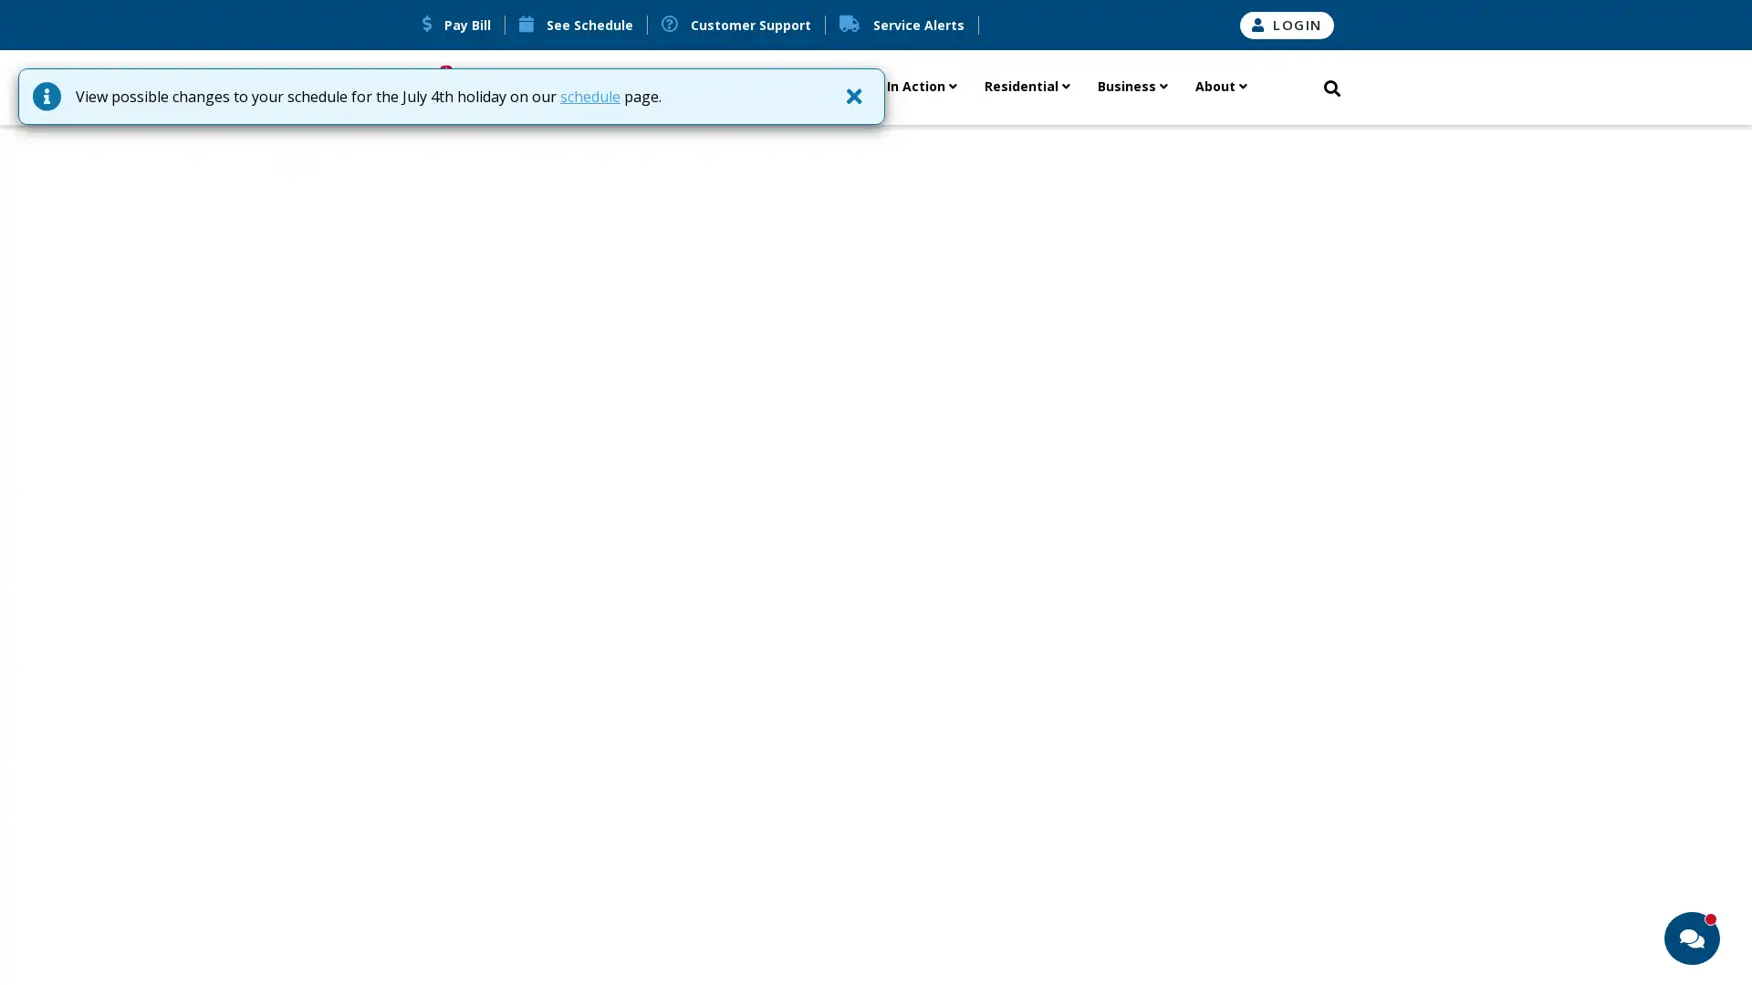 Image resolution: width=1752 pixels, height=985 pixels. What do you see at coordinates (1286, 25) in the screenshot?
I see `LOGIN` at bounding box center [1286, 25].